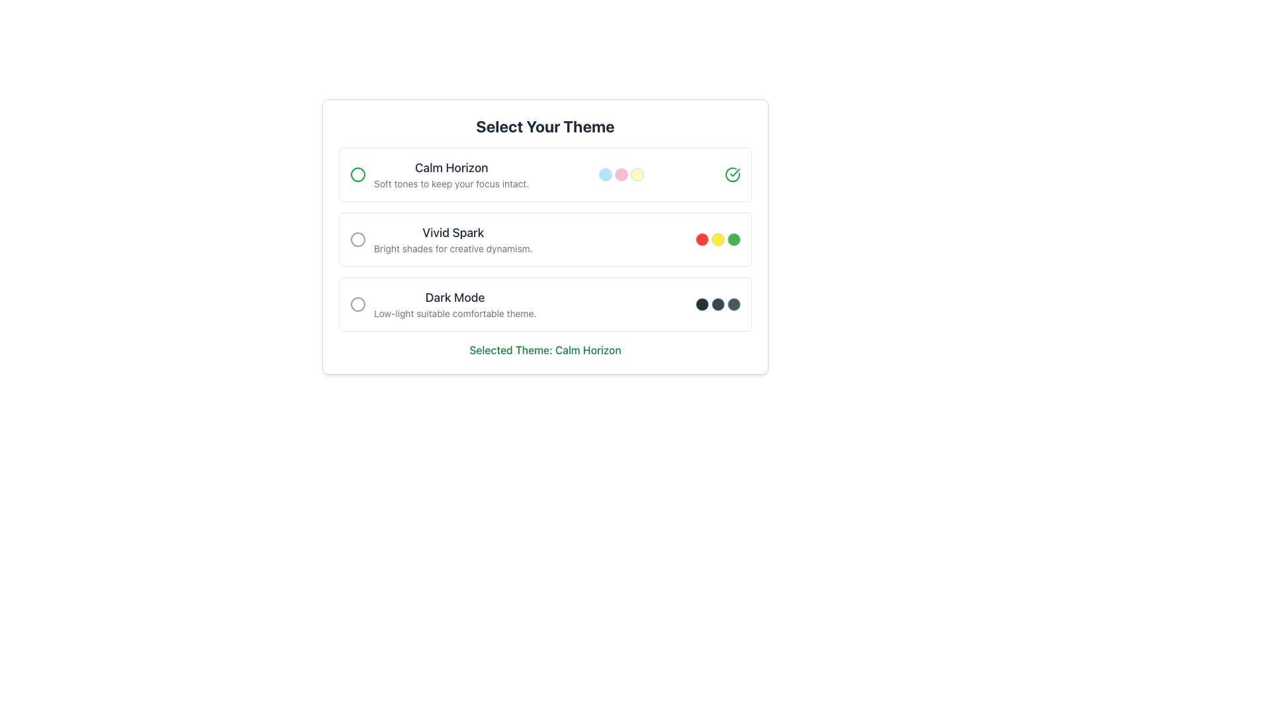 This screenshot has height=715, width=1271. I want to click on the yellow circular color indicator, which is the second in a group of three circles aligned to the right of the text 'Vivid Spark', so click(717, 240).